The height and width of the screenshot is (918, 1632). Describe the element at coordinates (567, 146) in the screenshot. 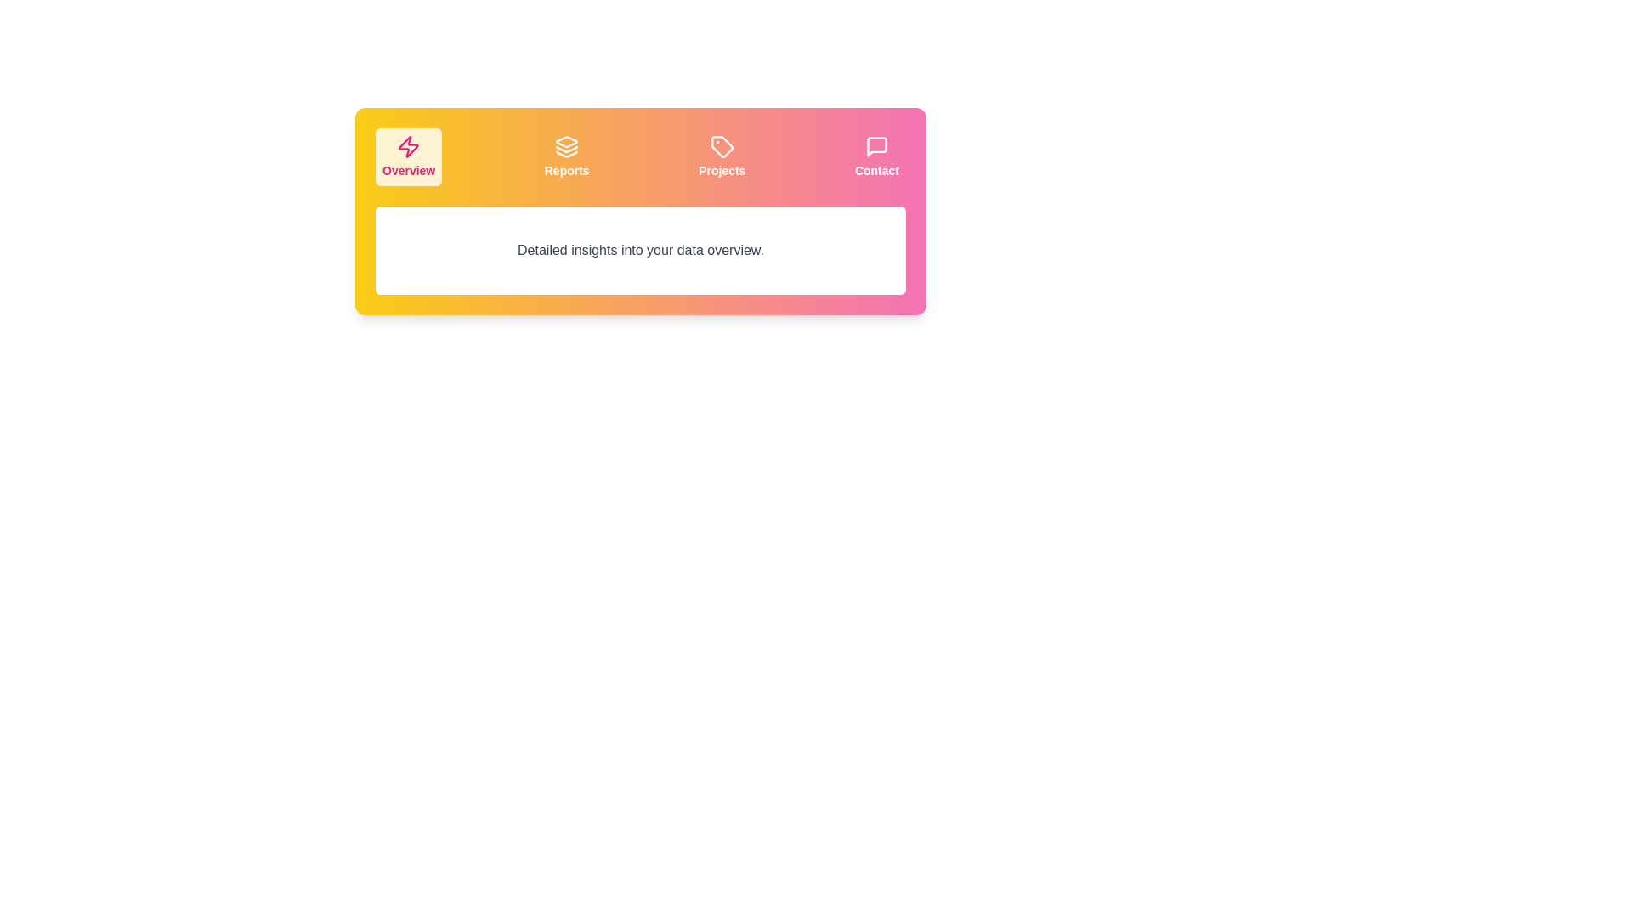

I see `the 'Reports' navigation icon located in the navigation bar, positioned second from the left` at that location.